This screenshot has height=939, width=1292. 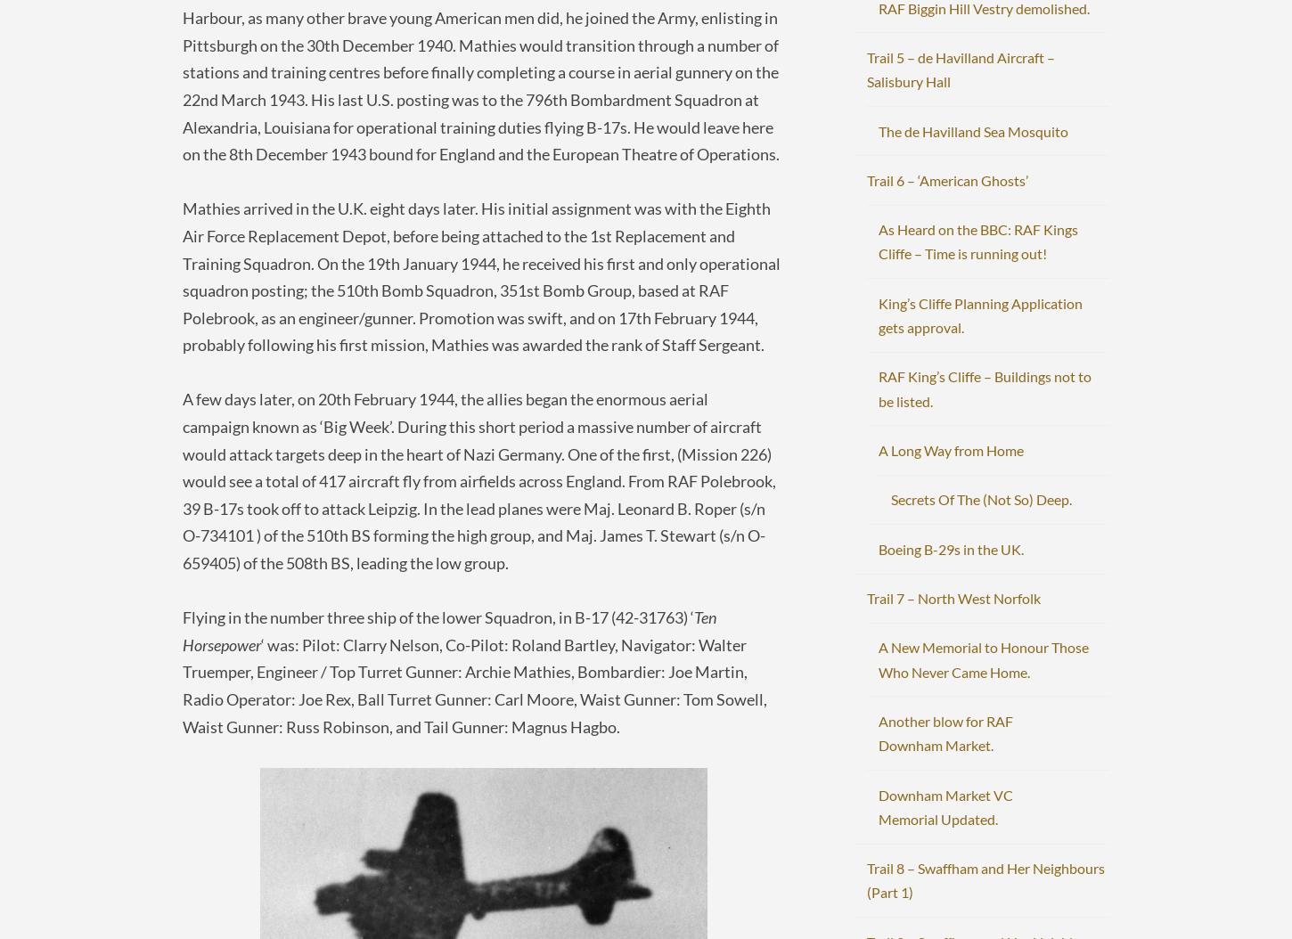 What do you see at coordinates (449, 629) in the screenshot?
I see `'Ten Horsepower'` at bounding box center [449, 629].